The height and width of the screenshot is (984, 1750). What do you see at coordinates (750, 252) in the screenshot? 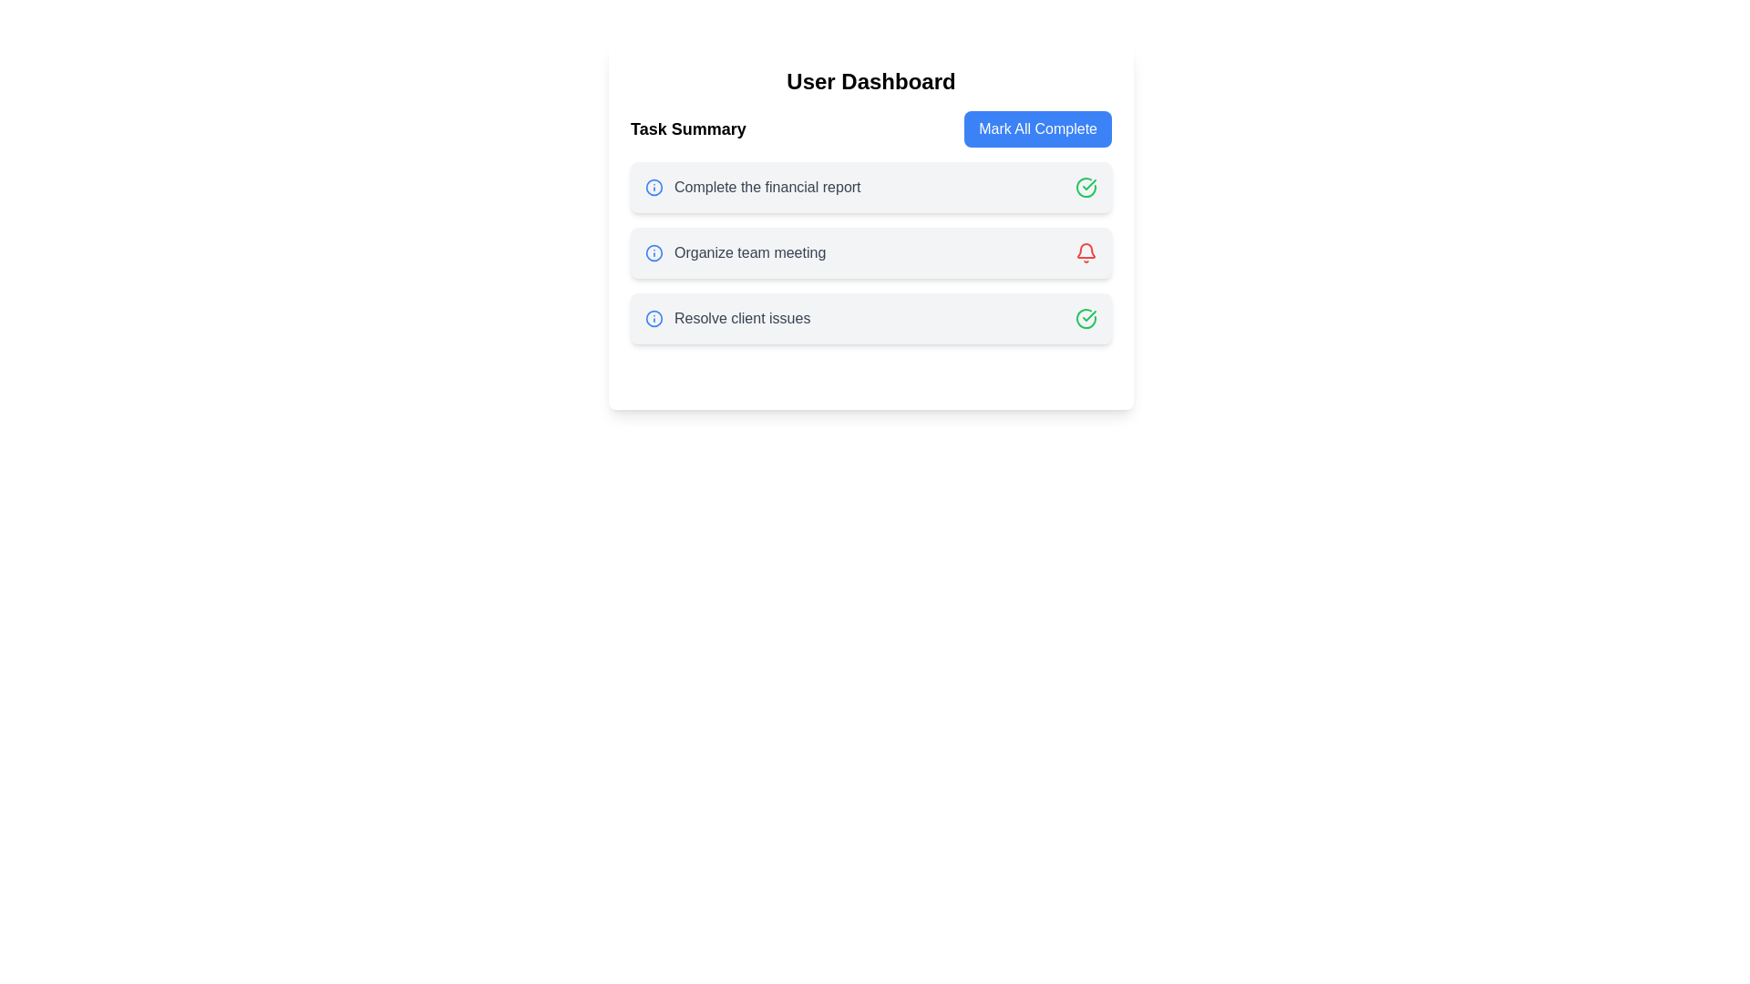
I see `text label that displays 'Organize team meeting', located in the second row of the task list in the 'Task Summary' section` at bounding box center [750, 252].